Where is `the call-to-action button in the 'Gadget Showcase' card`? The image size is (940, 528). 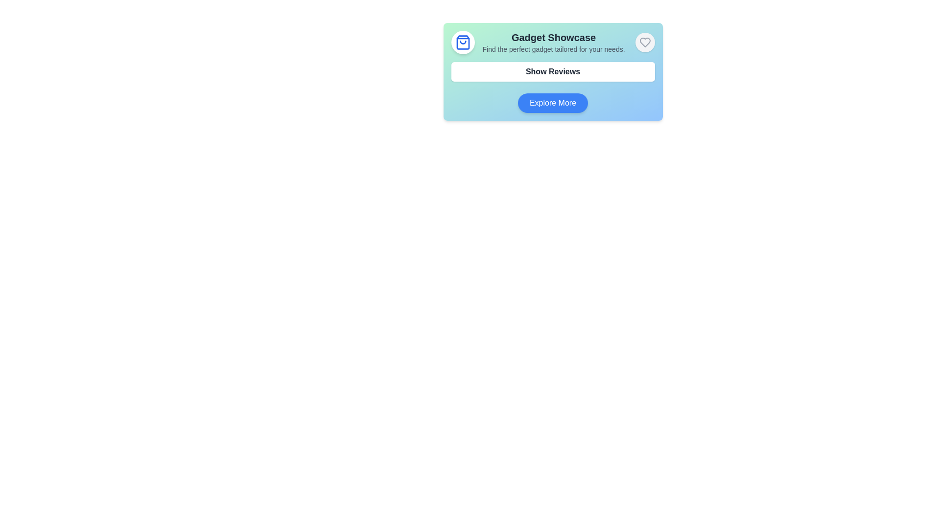 the call-to-action button in the 'Gadget Showcase' card is located at coordinates (553, 103).